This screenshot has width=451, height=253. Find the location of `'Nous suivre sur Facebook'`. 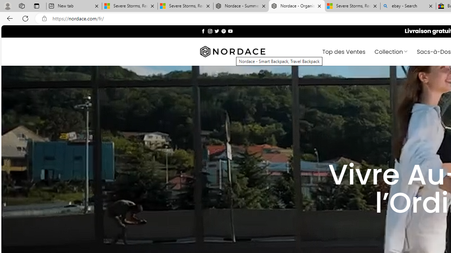

'Nous suivre sur Facebook' is located at coordinates (203, 31).